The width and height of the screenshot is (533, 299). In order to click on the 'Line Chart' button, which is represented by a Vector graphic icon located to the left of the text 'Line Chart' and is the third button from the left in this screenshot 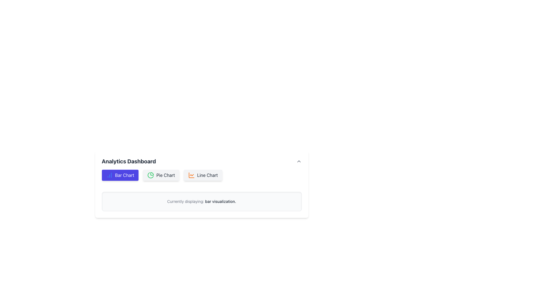, I will do `click(192, 175)`.